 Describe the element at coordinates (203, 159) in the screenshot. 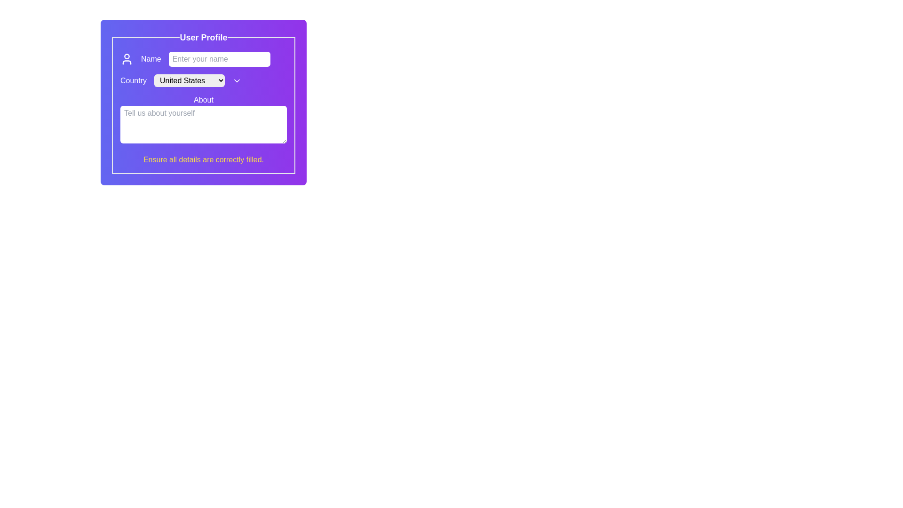

I see `the centered text block styled in yellow font that says 'Ensure all details are correctly filled.' on a purple background` at that location.